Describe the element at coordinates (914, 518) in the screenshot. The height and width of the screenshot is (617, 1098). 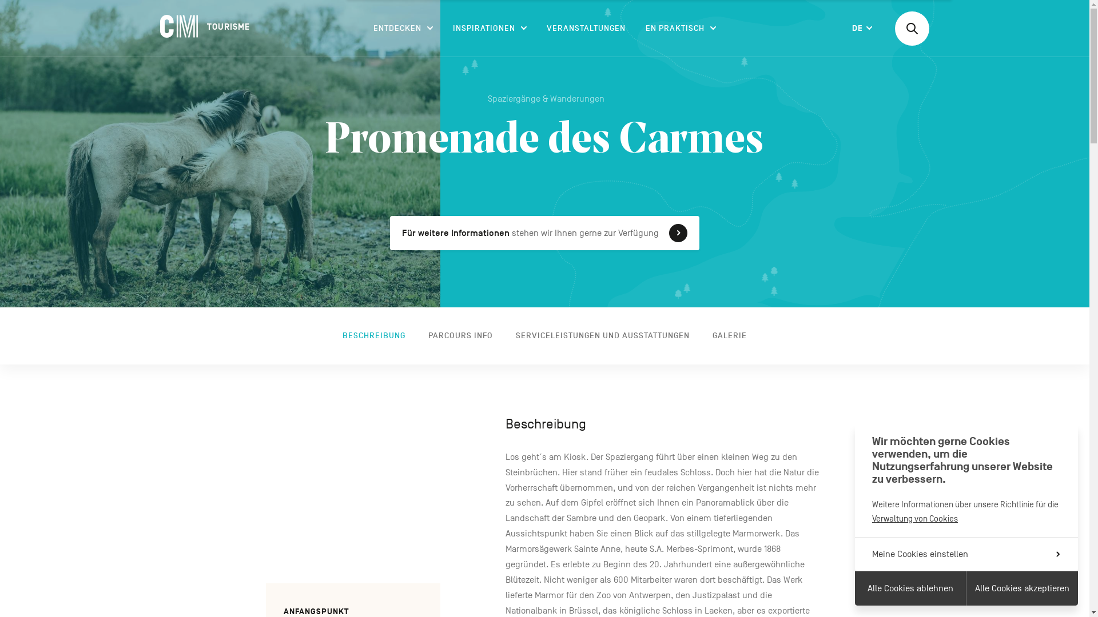
I see `'Verwaltung von Cookies'` at that location.